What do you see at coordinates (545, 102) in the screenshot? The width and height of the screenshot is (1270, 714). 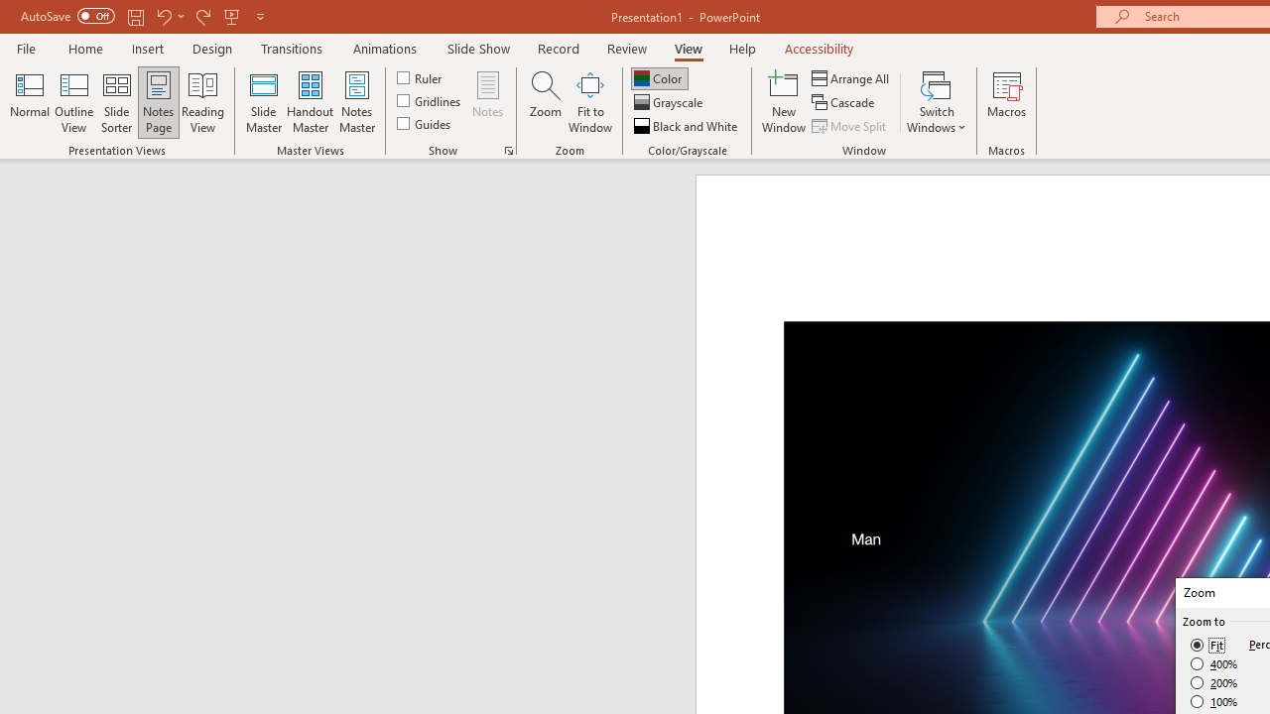 I see `'Zoom...'` at bounding box center [545, 102].